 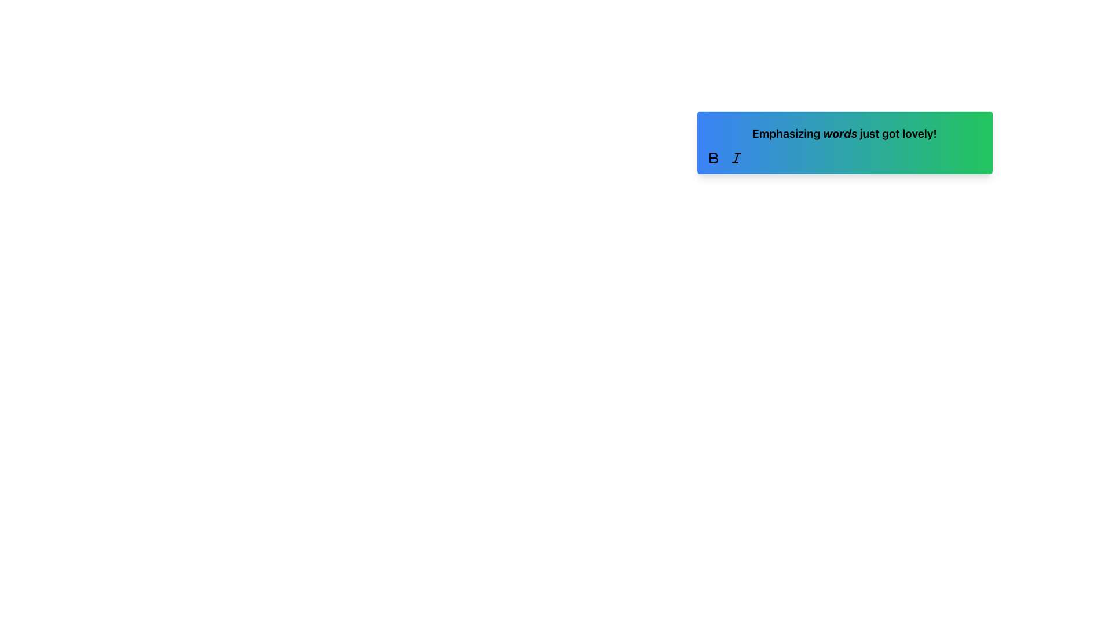 What do you see at coordinates (713, 158) in the screenshot?
I see `the bold 'B' icon in the toolbar` at bounding box center [713, 158].